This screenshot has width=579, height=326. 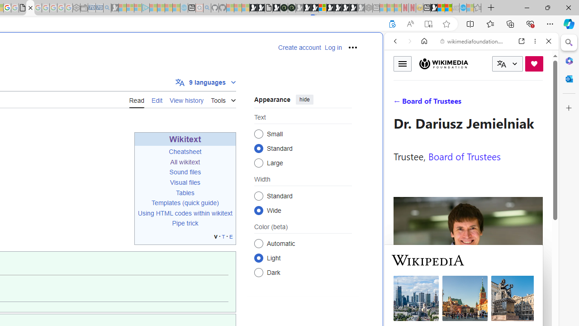 What do you see at coordinates (185, 139) in the screenshot?
I see `'Wikitext'` at bounding box center [185, 139].